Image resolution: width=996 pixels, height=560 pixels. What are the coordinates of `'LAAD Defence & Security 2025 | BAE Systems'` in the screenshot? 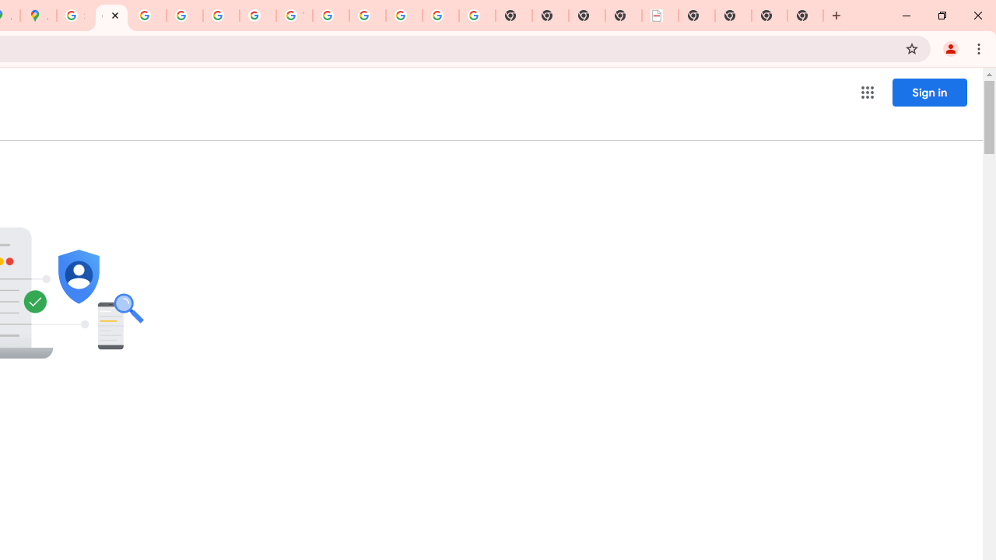 It's located at (660, 16).